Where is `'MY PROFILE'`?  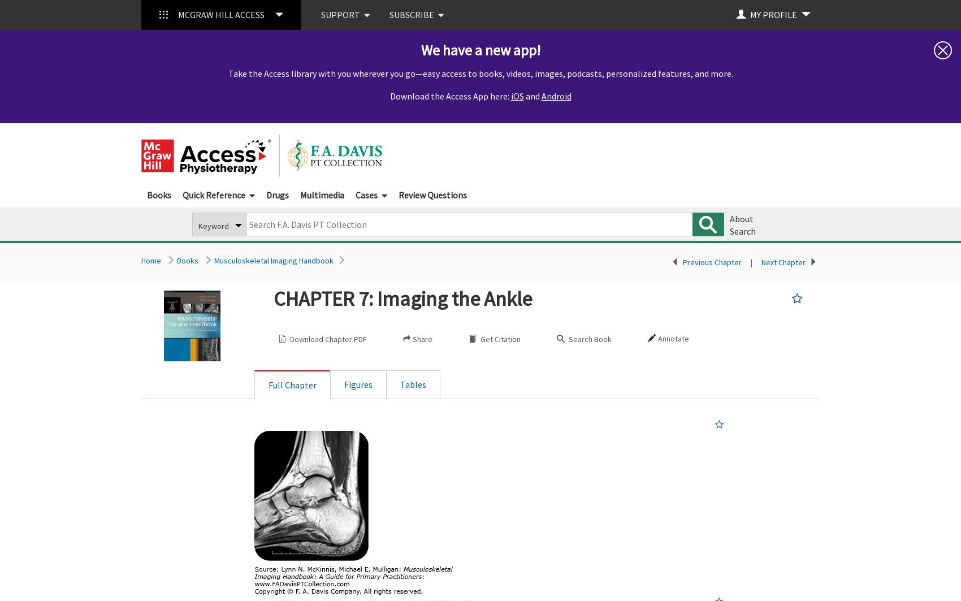
'MY PROFILE' is located at coordinates (773, 15).